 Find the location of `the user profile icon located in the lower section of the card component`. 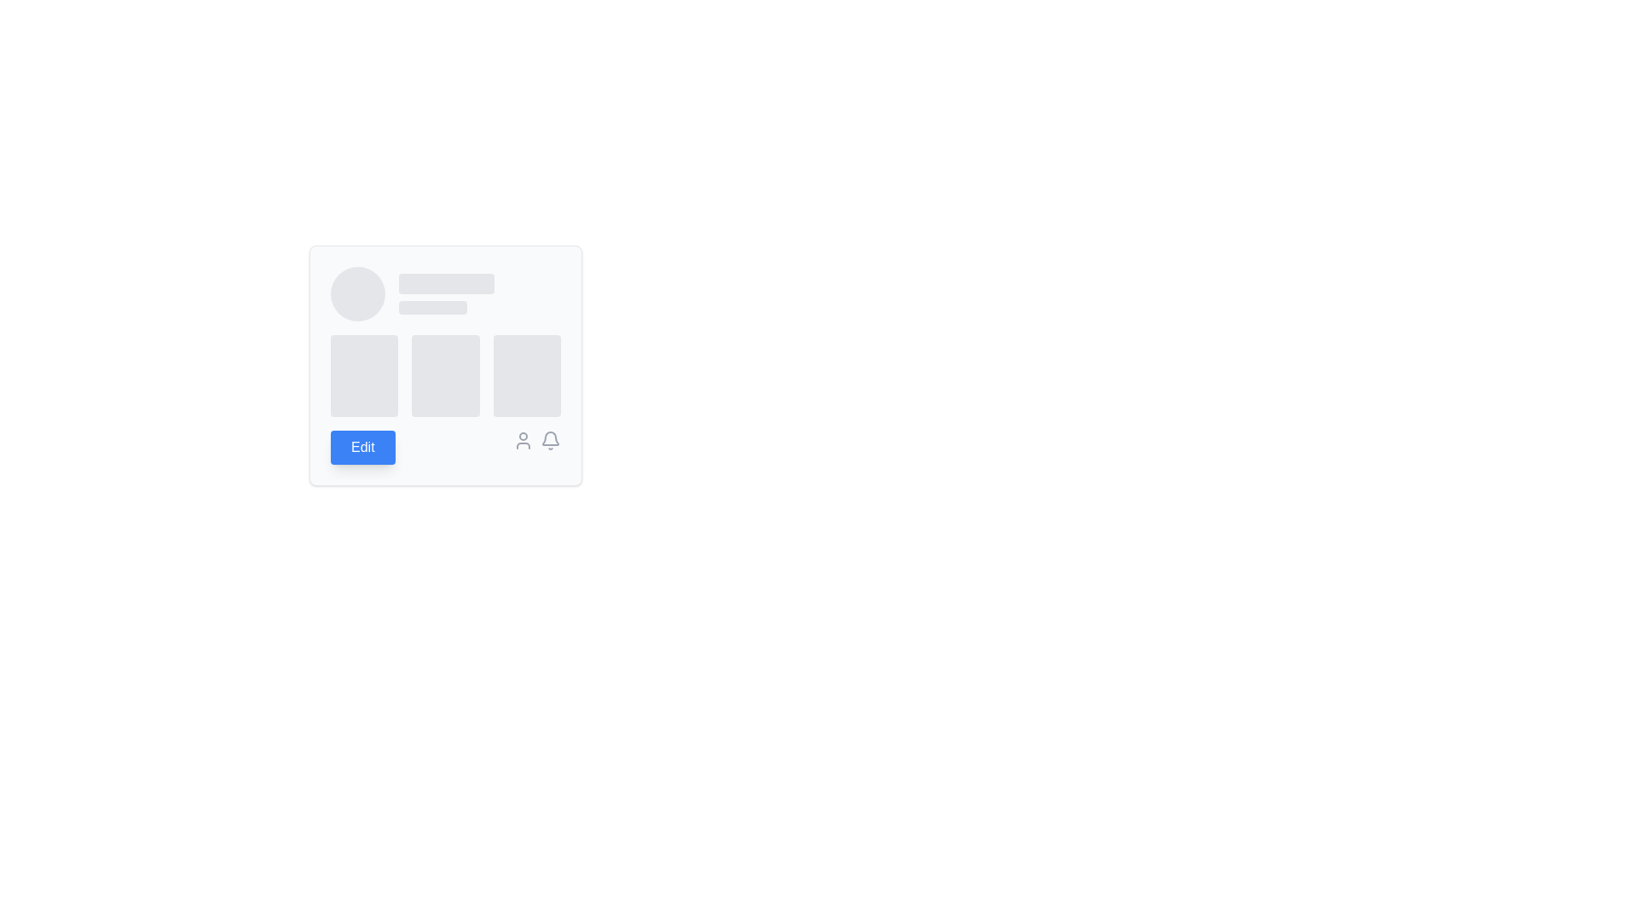

the user profile icon located in the lower section of the card component is located at coordinates (523, 439).